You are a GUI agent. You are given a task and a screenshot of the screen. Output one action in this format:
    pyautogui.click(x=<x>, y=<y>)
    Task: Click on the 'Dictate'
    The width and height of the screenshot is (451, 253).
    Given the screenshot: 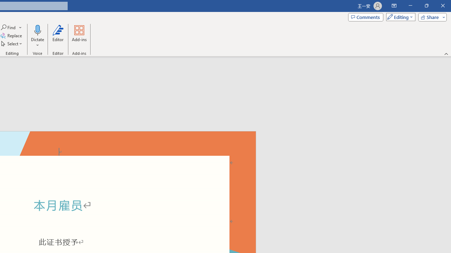 What is the action you would take?
    pyautogui.click(x=37, y=30)
    